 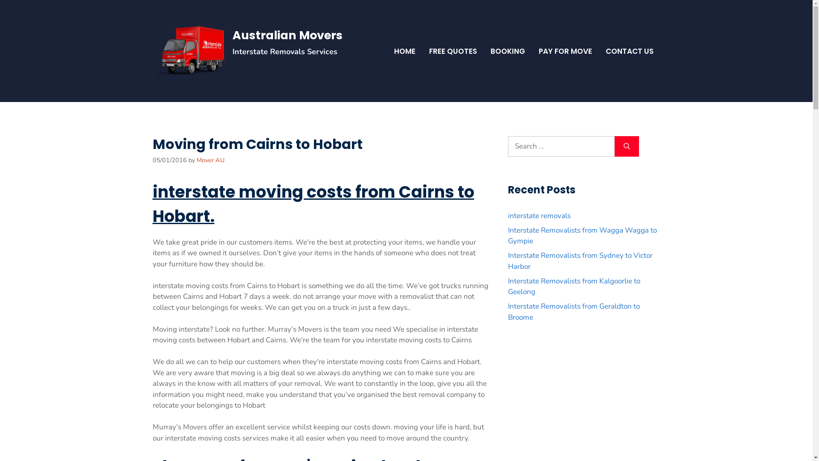 What do you see at coordinates (538, 215) in the screenshot?
I see `'interstate removals'` at bounding box center [538, 215].